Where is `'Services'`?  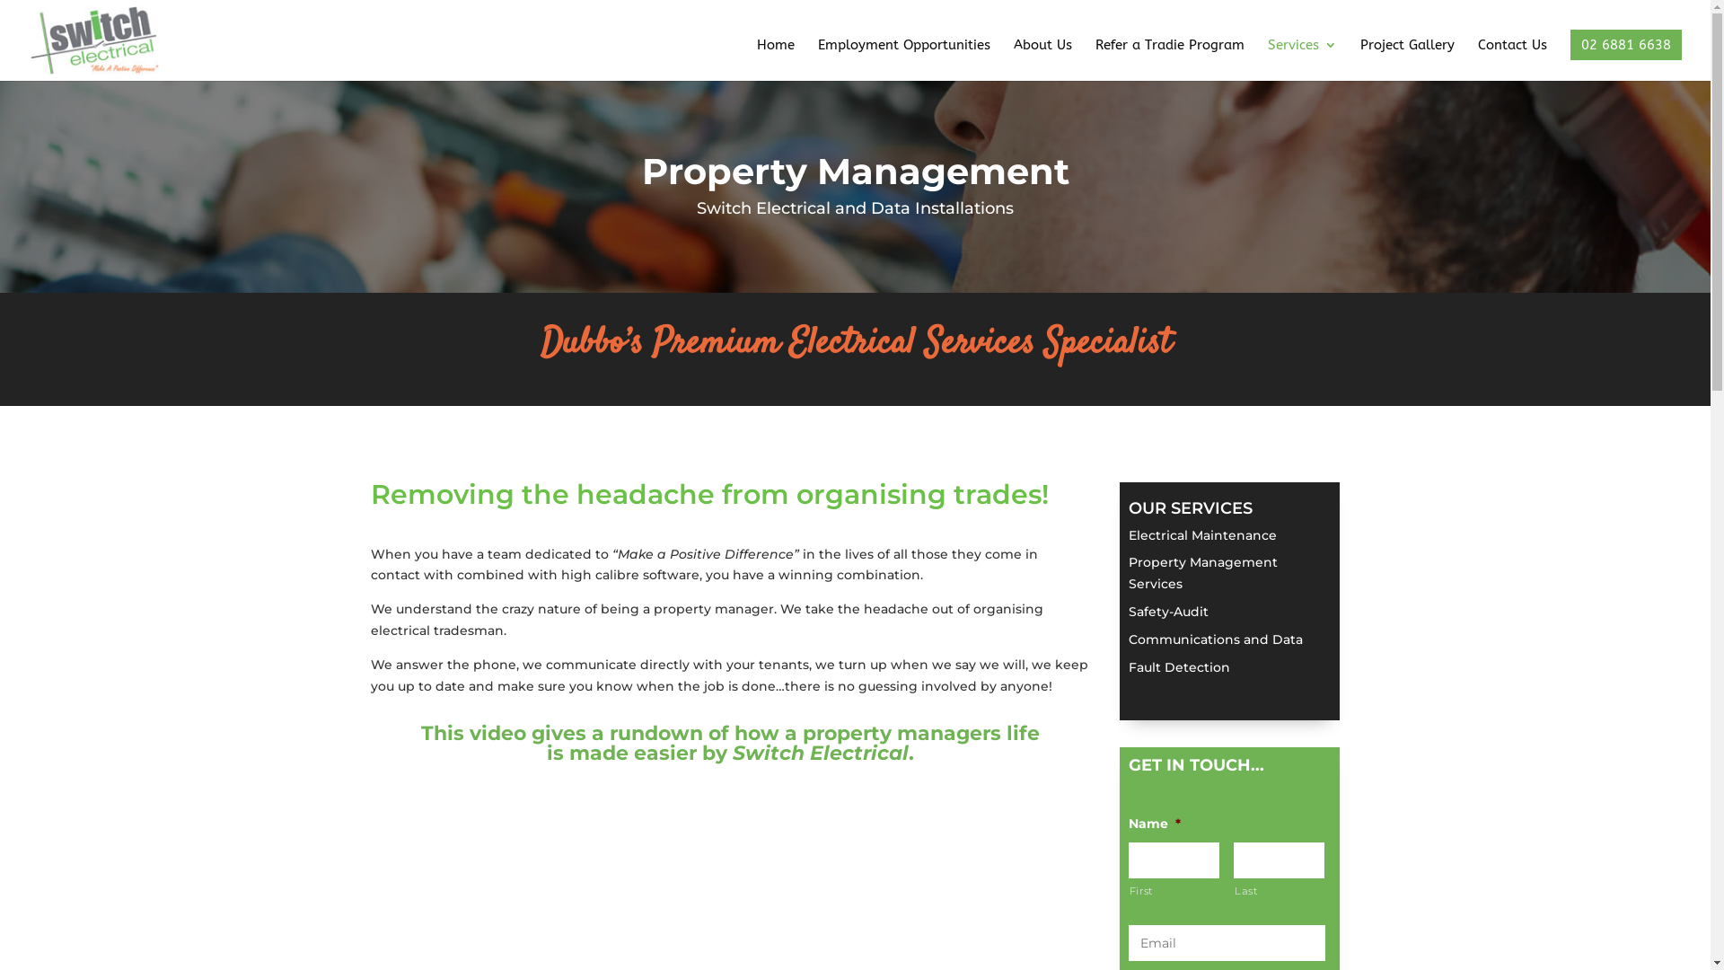
'Services' is located at coordinates (1266, 58).